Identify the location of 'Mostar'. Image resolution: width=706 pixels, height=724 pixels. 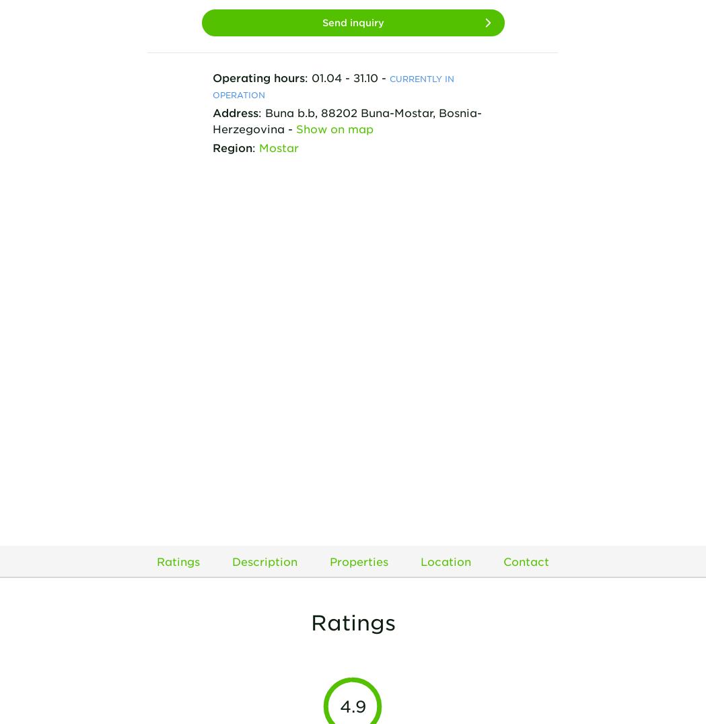
(258, 145).